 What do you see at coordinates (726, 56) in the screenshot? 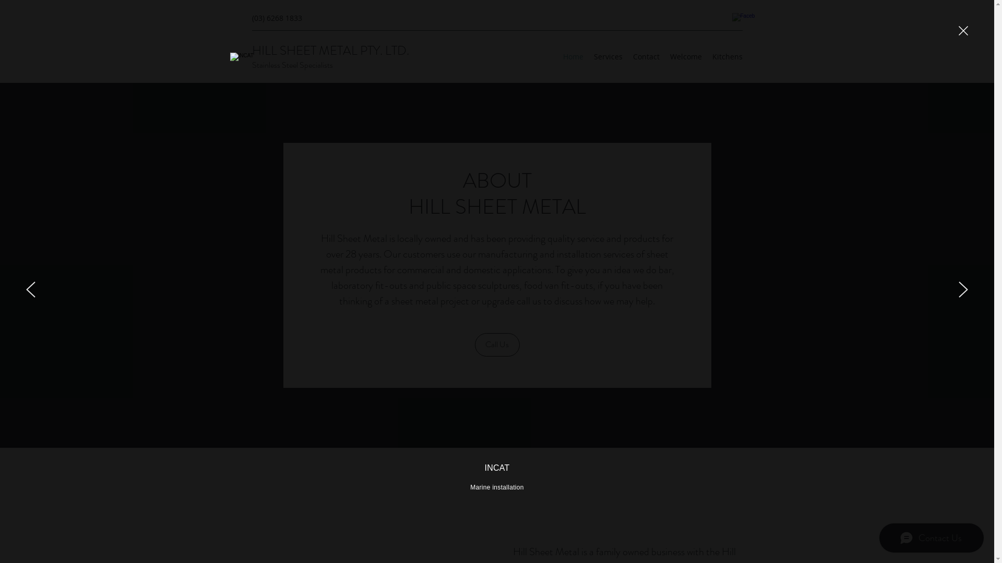
I see `'Kitchens'` at bounding box center [726, 56].